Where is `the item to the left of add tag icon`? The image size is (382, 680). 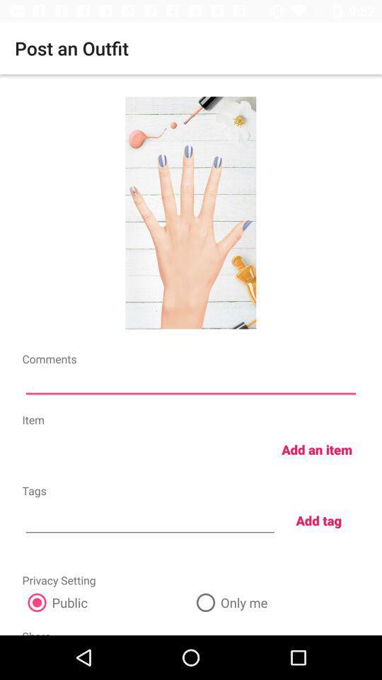
the item to the left of add tag icon is located at coordinates (149, 518).